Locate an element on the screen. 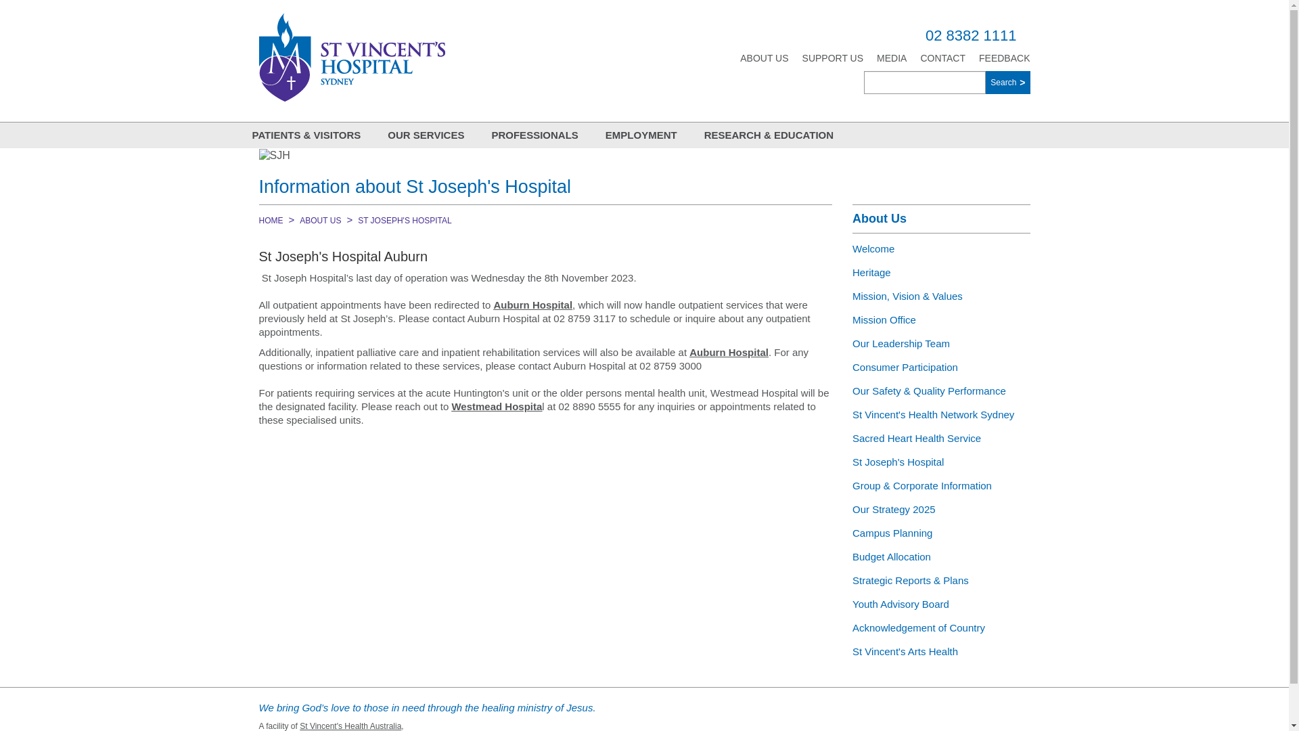 The image size is (1299, 731). 'Our Leadership Team' is located at coordinates (940, 342).